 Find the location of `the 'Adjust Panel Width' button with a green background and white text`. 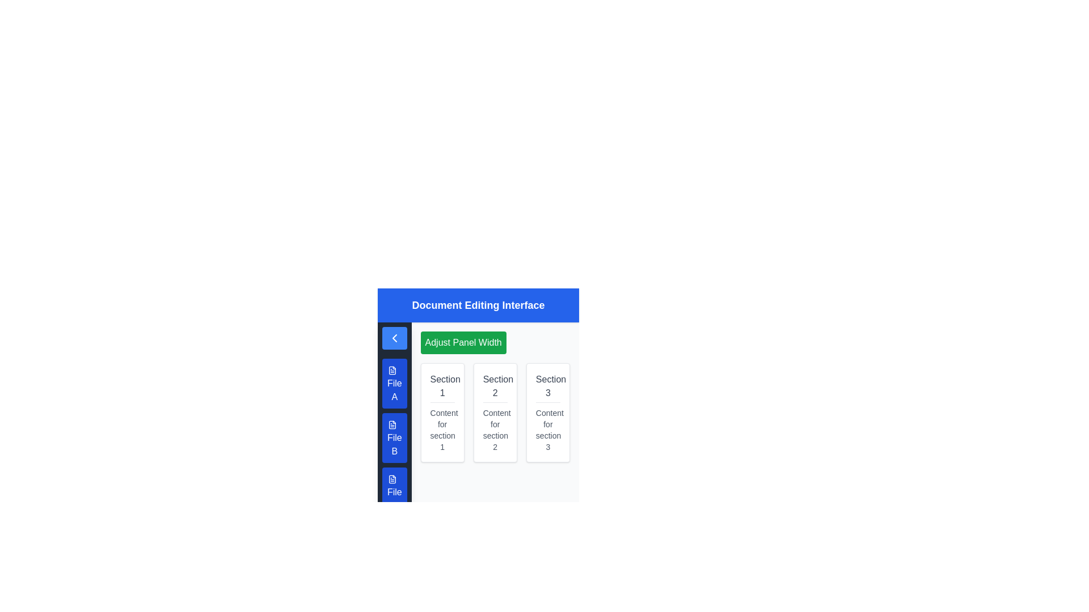

the 'Adjust Panel Width' button with a green background and white text is located at coordinates (463, 342).